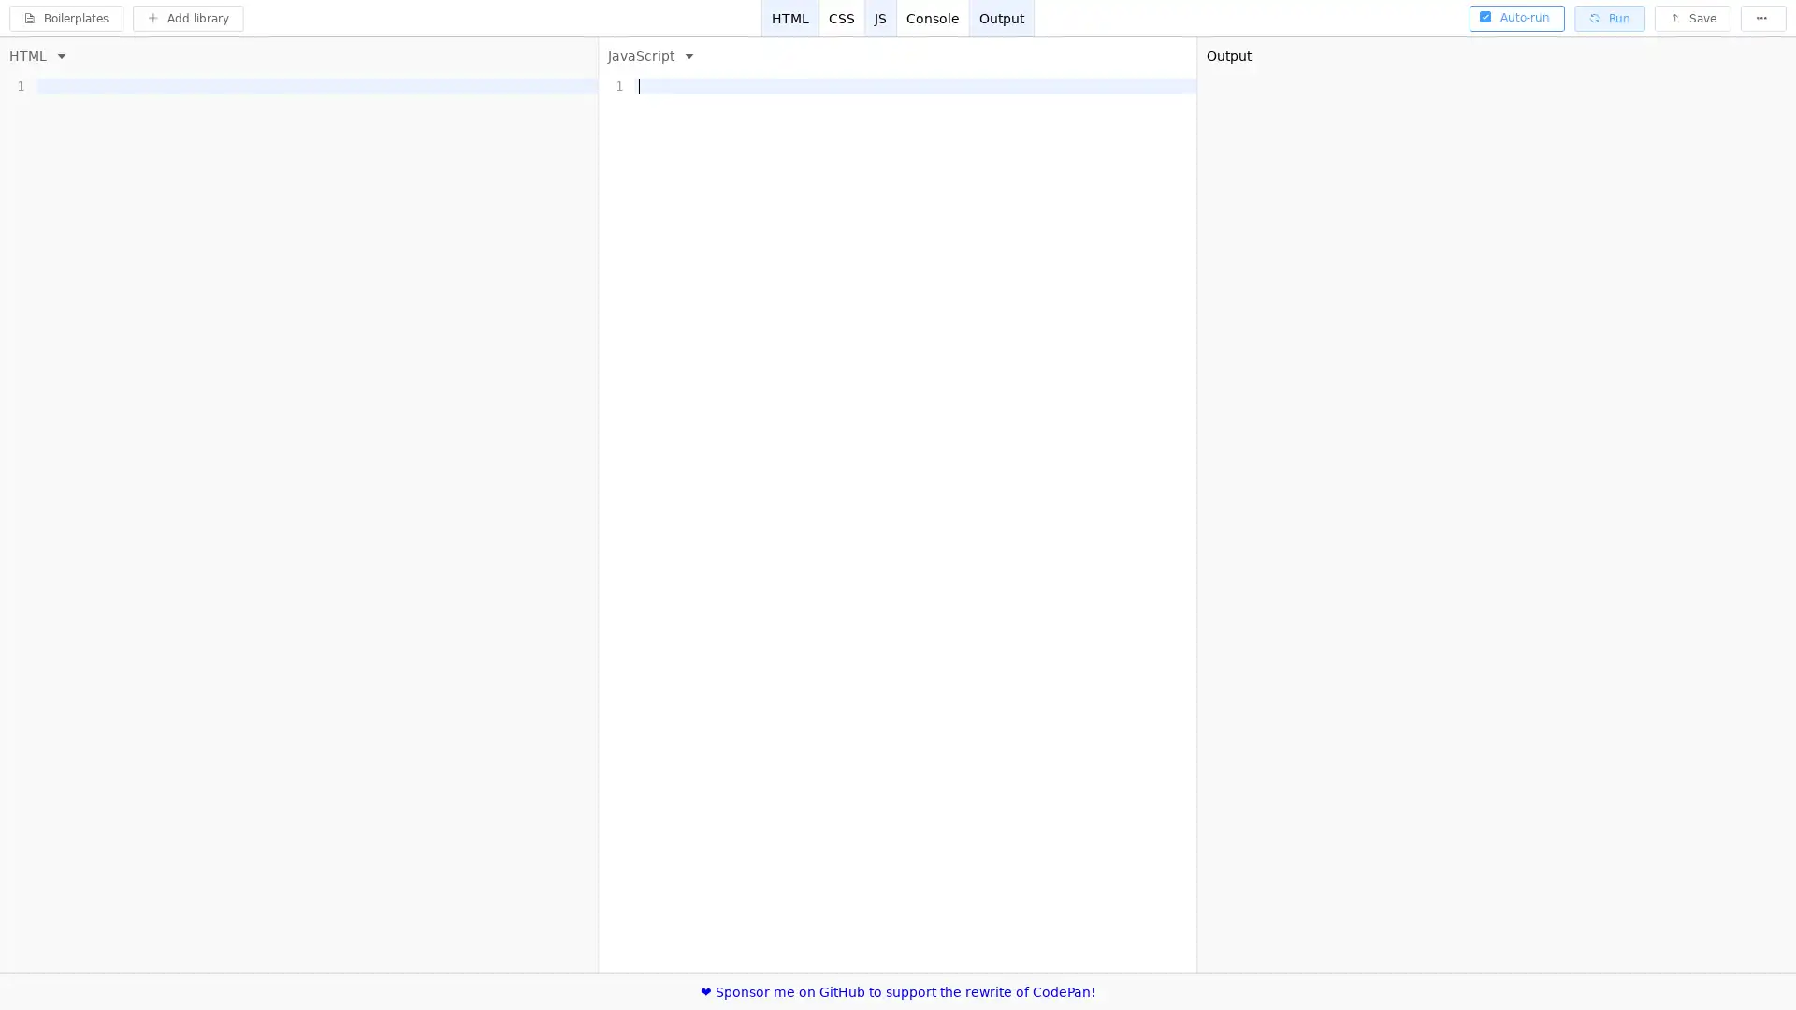 This screenshot has height=1010, width=1796. What do you see at coordinates (1607, 18) in the screenshot?
I see `Run` at bounding box center [1607, 18].